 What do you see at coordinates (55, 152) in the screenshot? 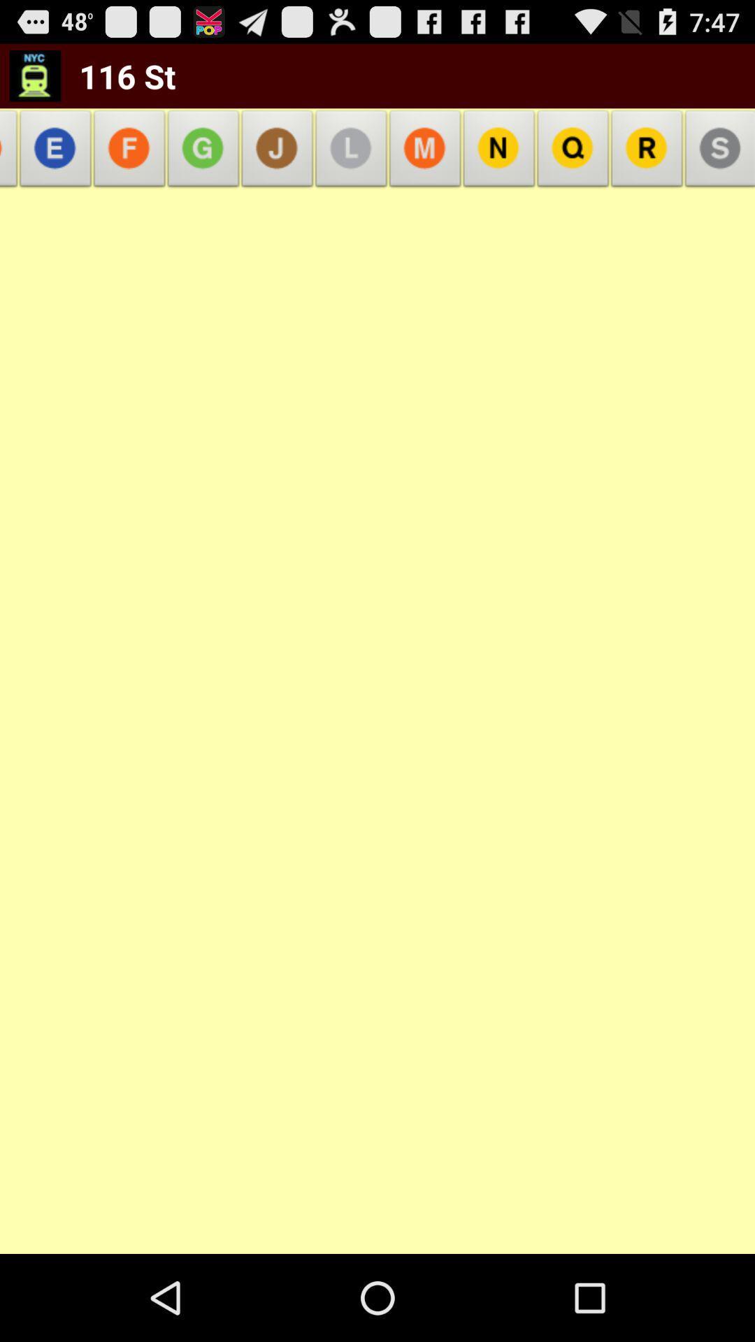
I see `the item below 116 st icon` at bounding box center [55, 152].